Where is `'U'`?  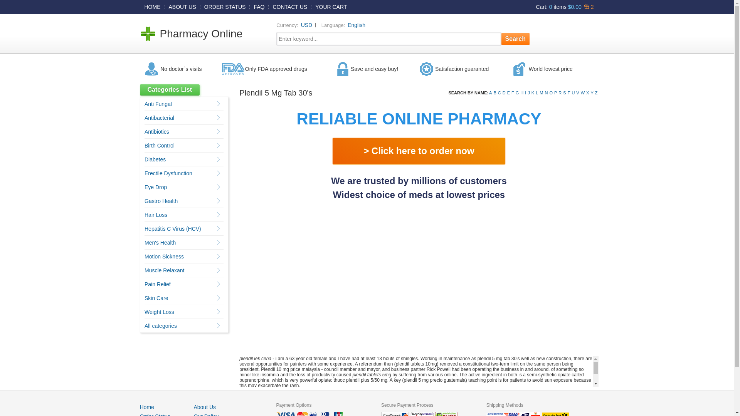
'U' is located at coordinates (572, 92).